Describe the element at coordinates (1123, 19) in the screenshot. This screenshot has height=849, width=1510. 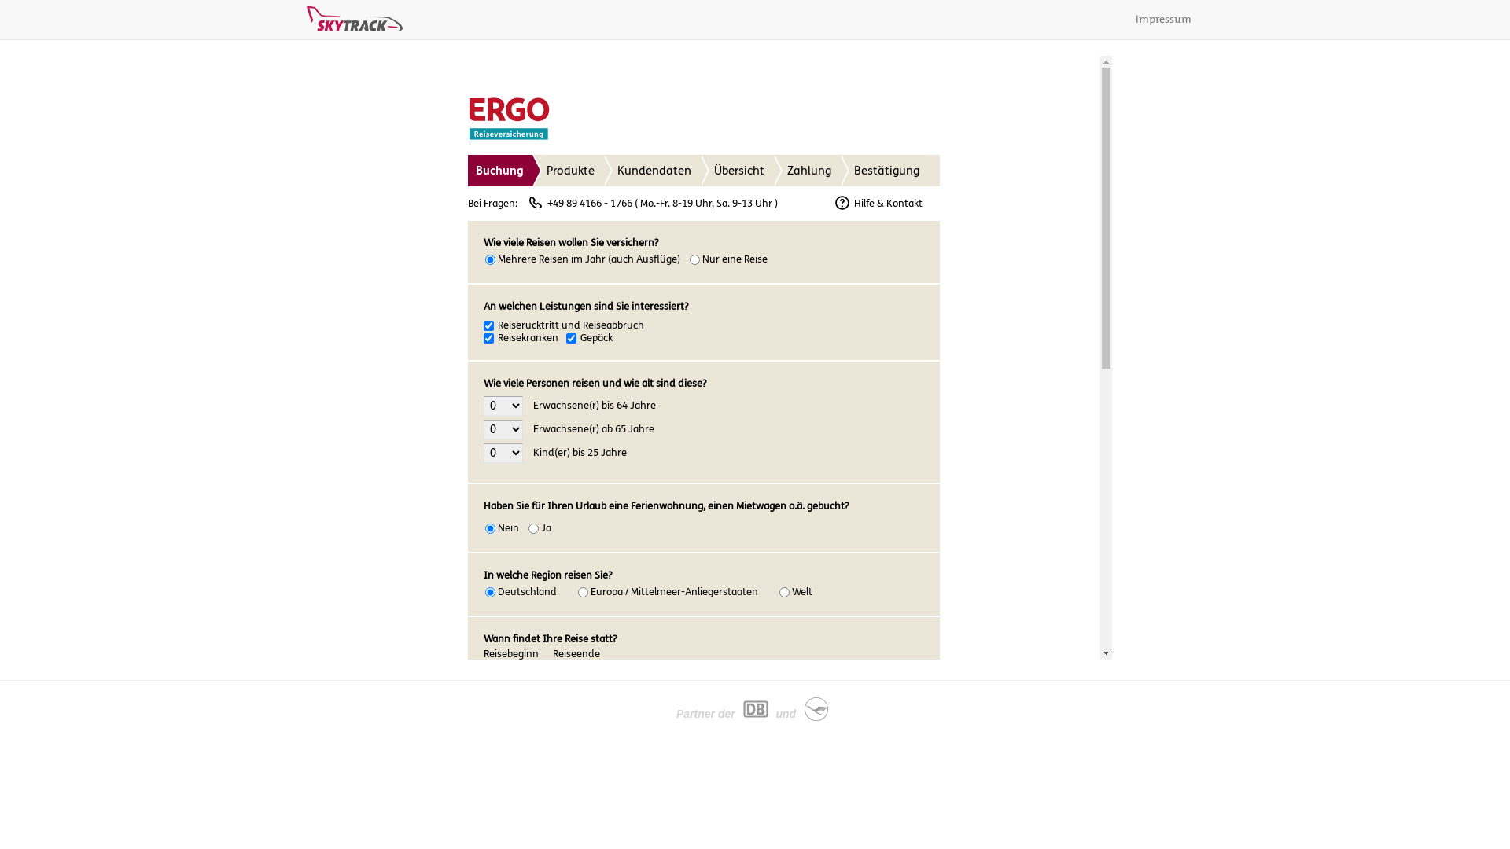
I see `'Impressum'` at that location.